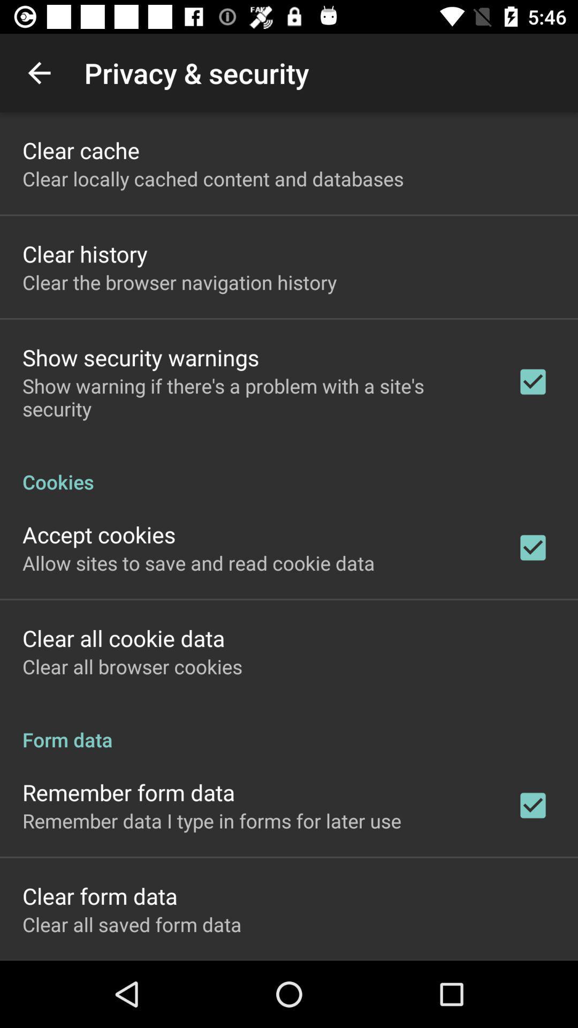  I want to click on the check box icon for accept cookies, so click(533, 547).